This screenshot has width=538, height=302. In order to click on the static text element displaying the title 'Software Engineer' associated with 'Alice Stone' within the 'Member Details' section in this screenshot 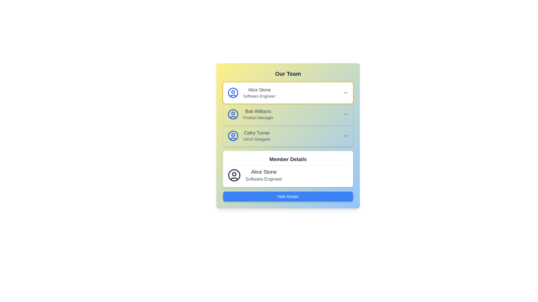, I will do `click(263, 179)`.